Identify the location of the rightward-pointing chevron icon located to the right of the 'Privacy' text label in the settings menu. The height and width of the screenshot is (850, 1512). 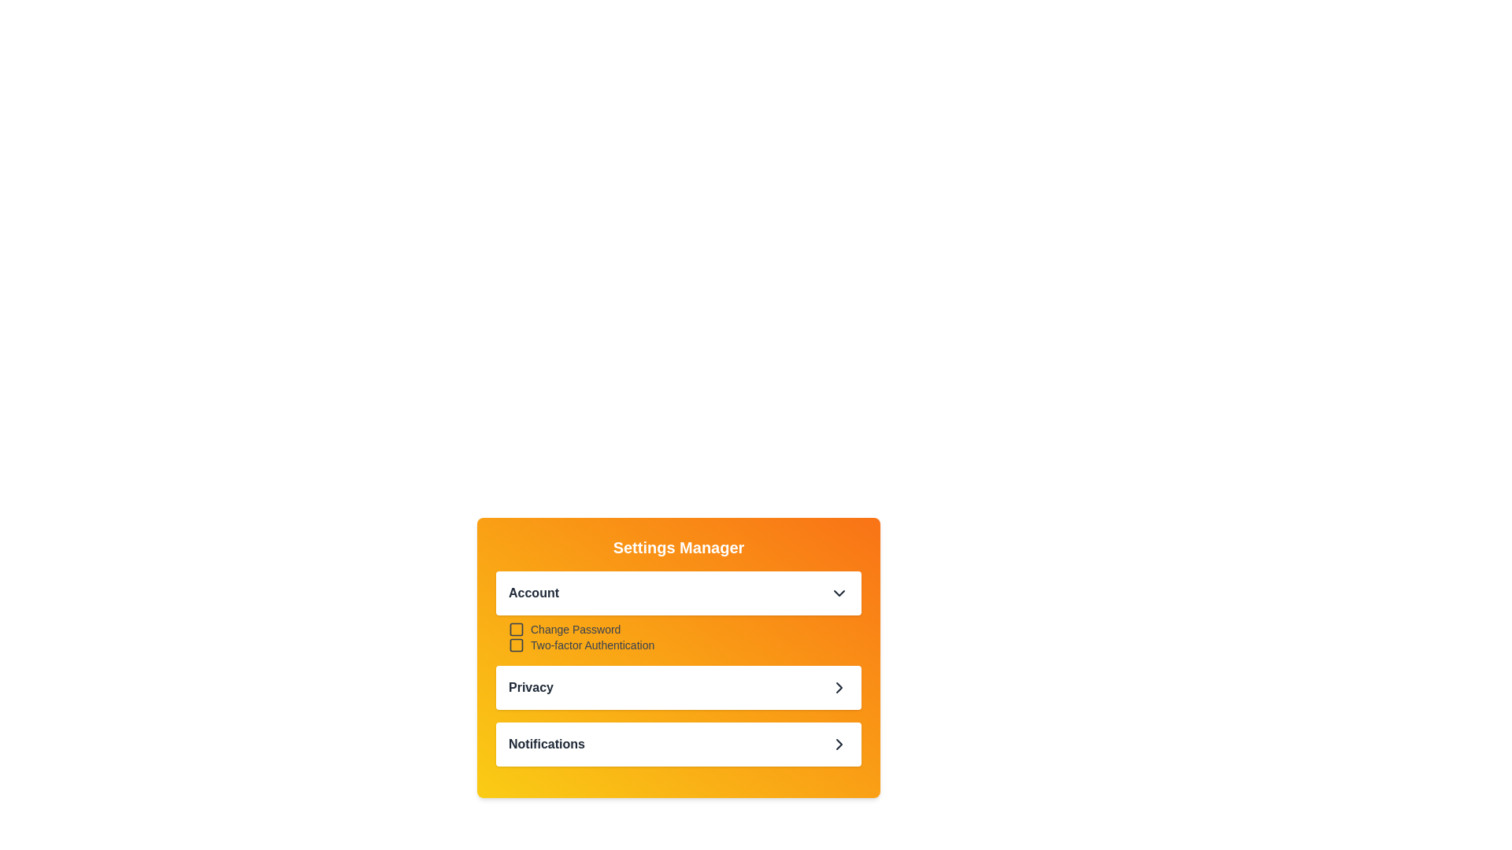
(838, 687).